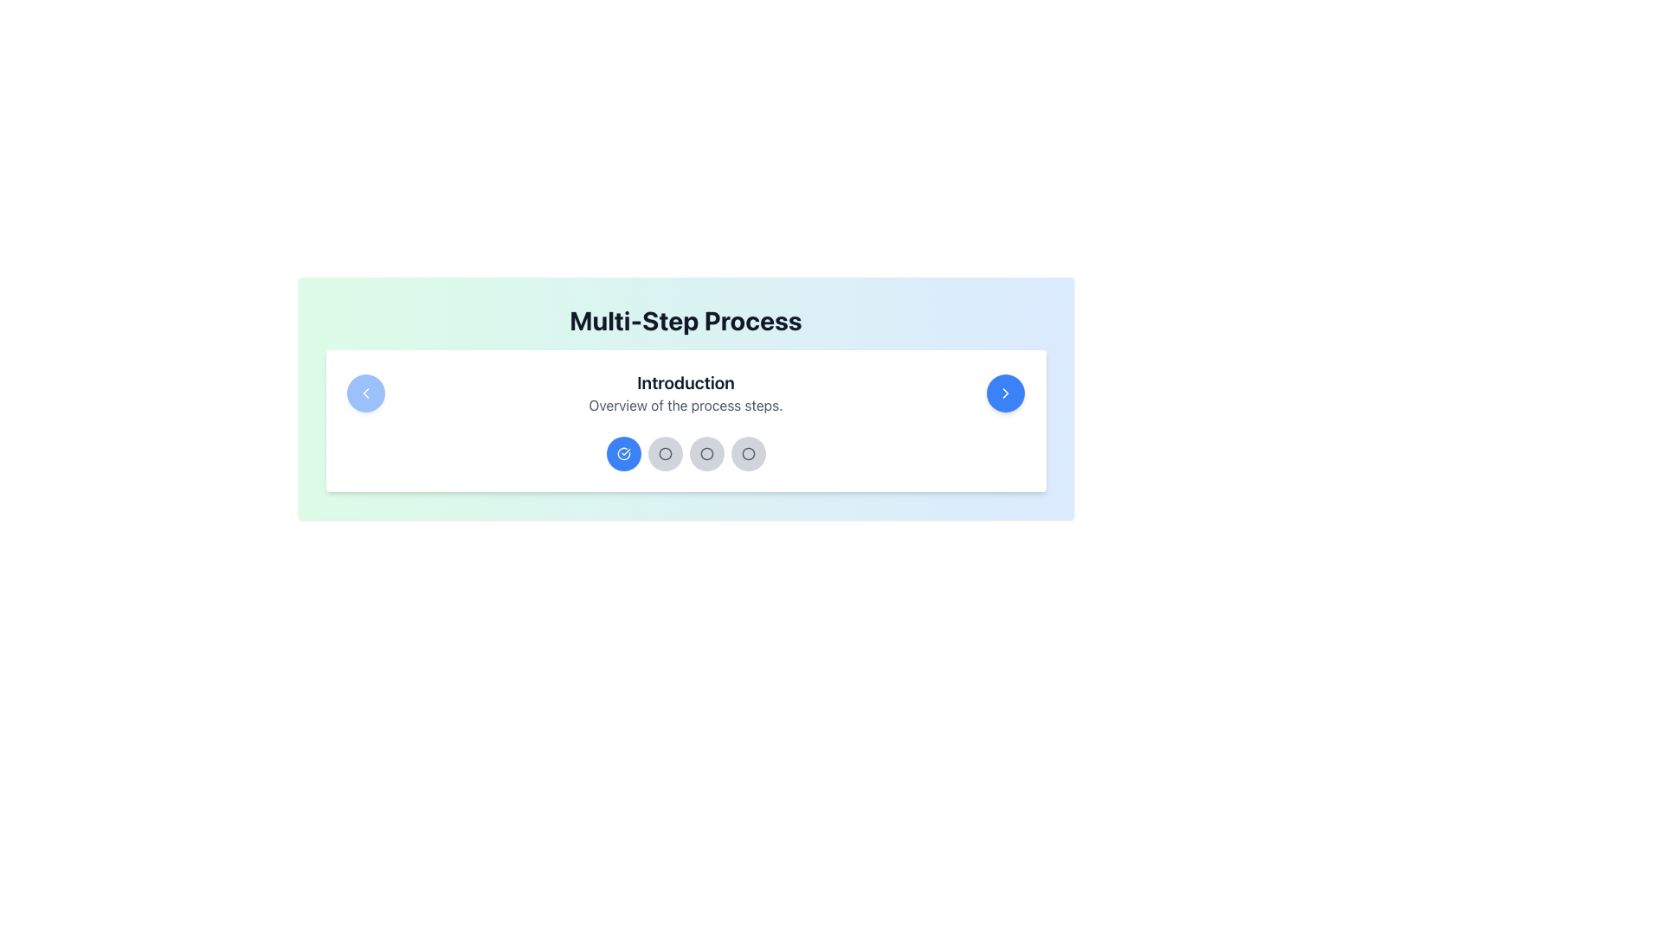  I want to click on the Circle icon, which is the fourth circular element with a black stroke located at the bottom of the step overview section, so click(664, 452).